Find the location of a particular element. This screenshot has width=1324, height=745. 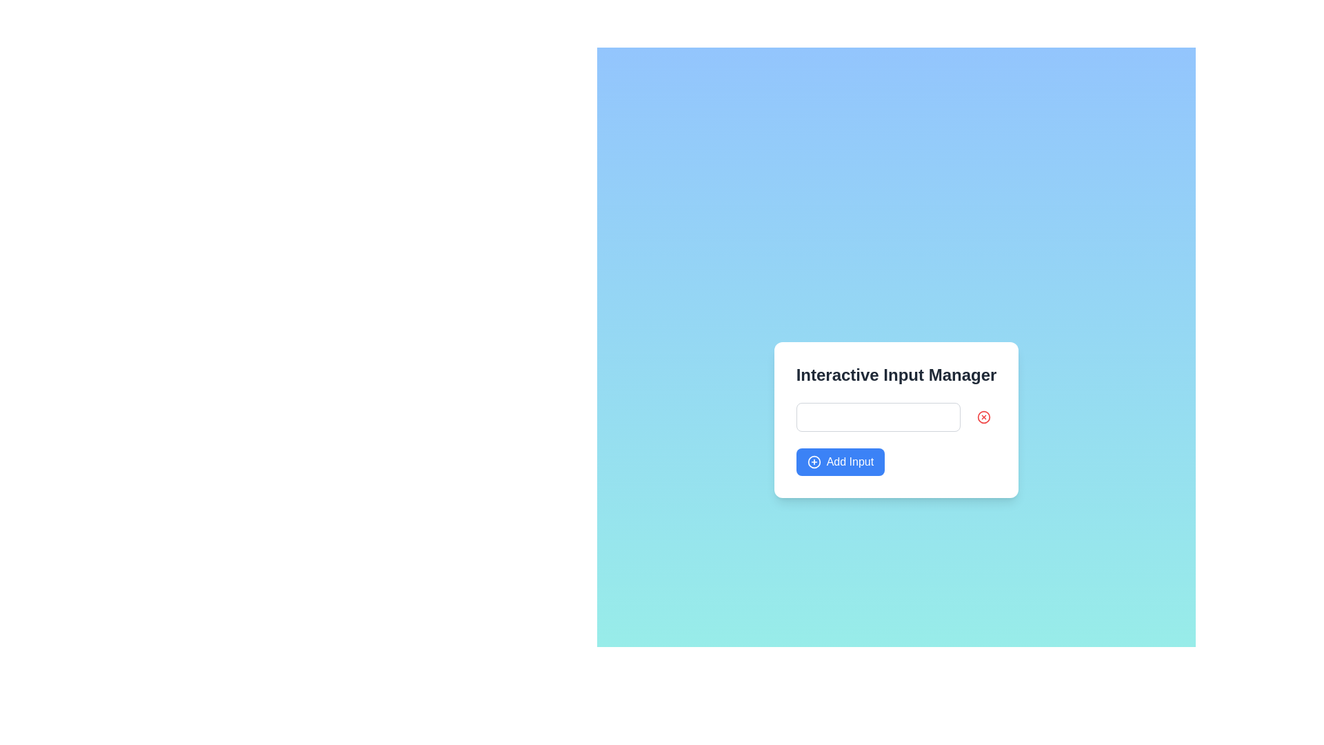

the decorative icon located inside the 'Add Input' blue button, positioned towards the left side of the button is located at coordinates (814, 462).